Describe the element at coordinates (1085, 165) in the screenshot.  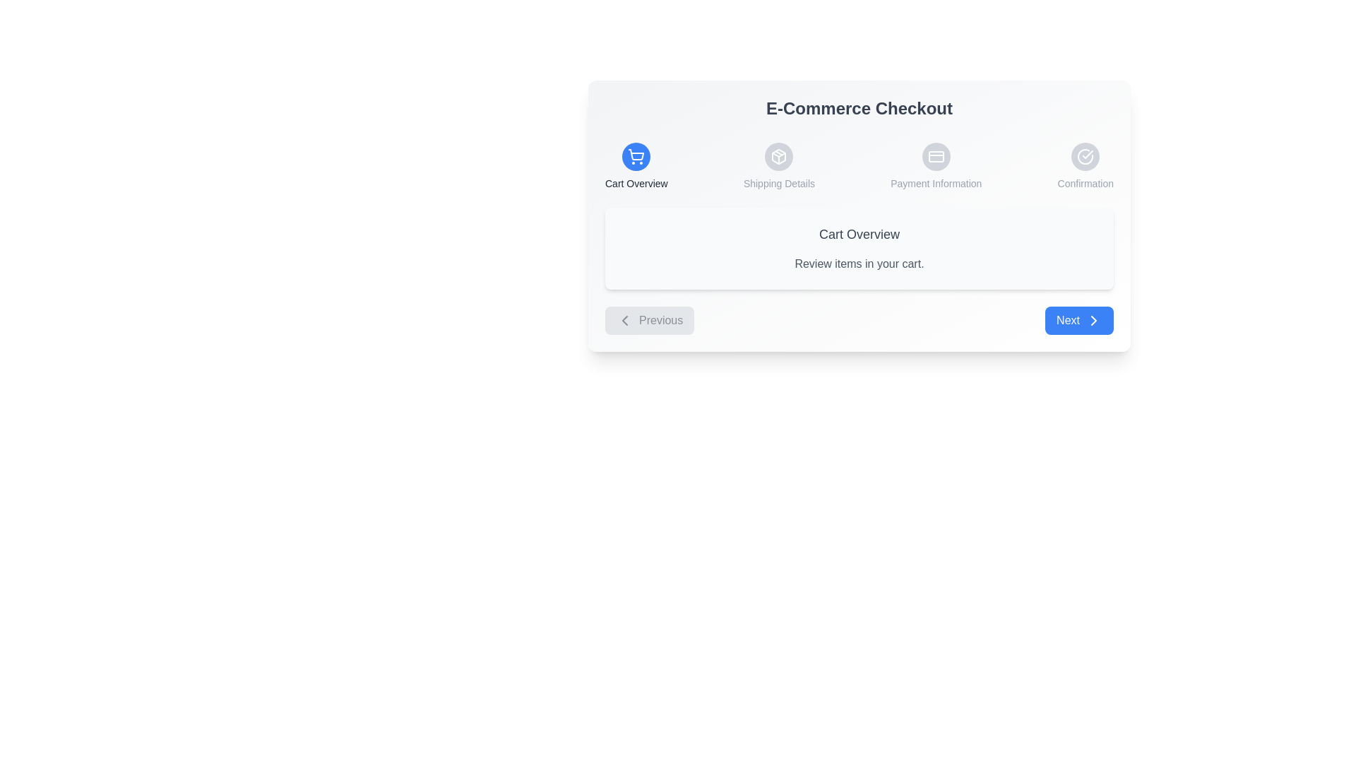
I see `the 'Confirmation' step indicator in the horizontal progress tracker` at that location.